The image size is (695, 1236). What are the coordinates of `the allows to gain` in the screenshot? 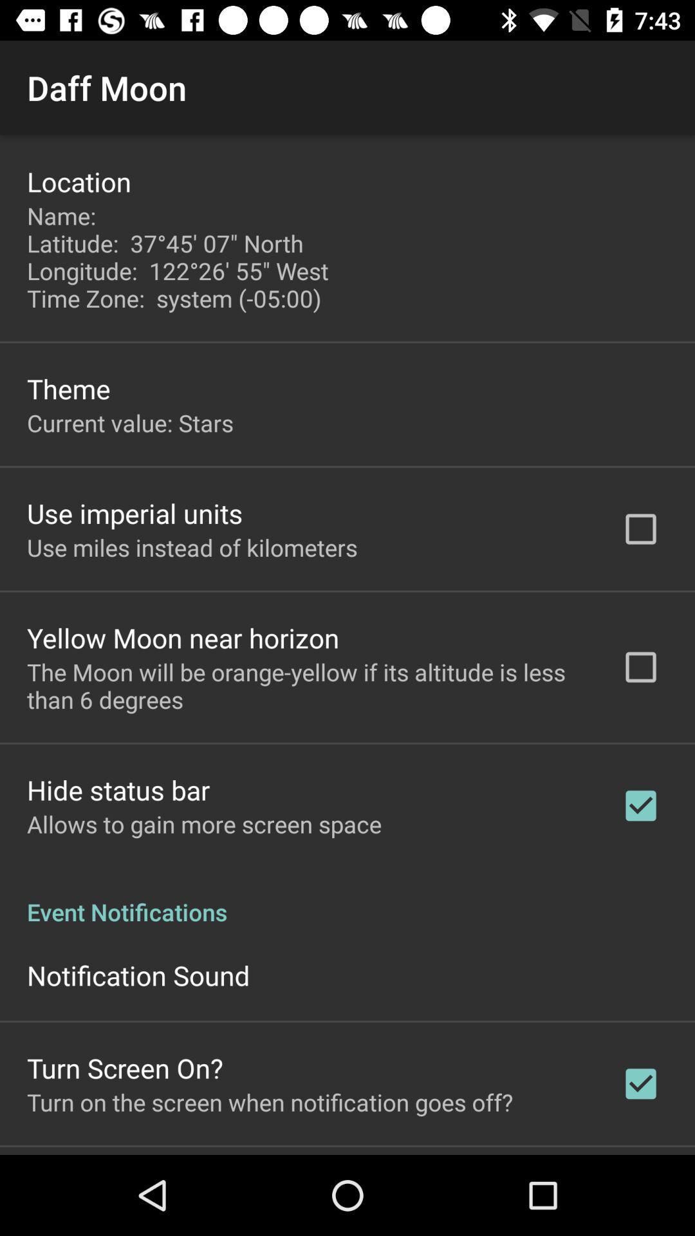 It's located at (203, 824).